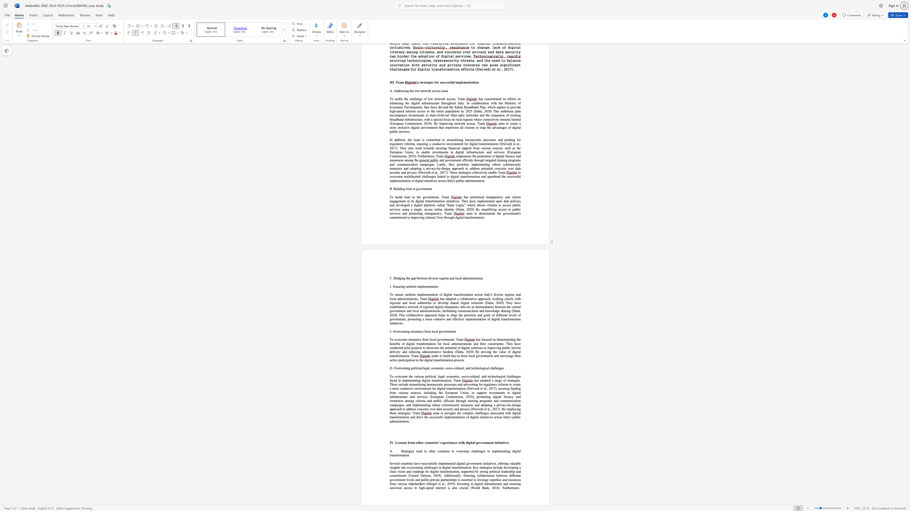 Image resolution: width=910 pixels, height=511 pixels. Describe the element at coordinates (391, 471) in the screenshot. I see `the subset text "lea" within the text "a clear vision"` at that location.